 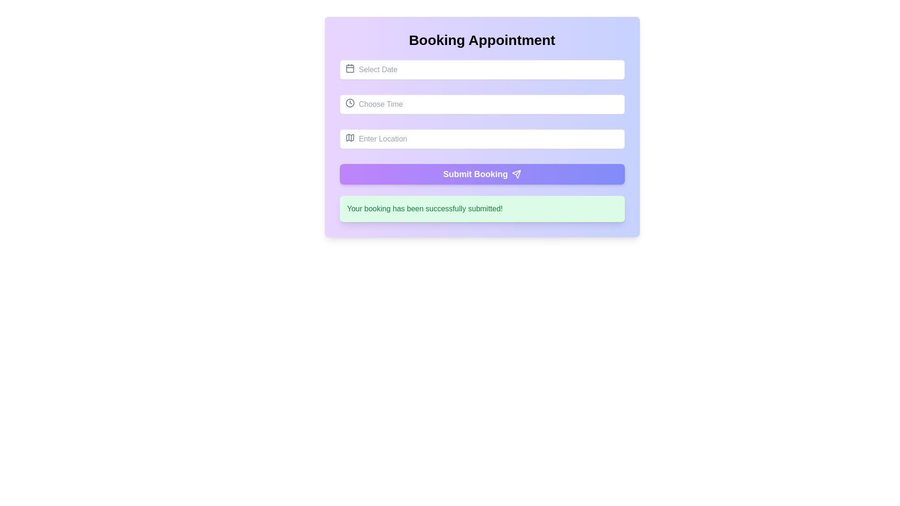 What do you see at coordinates (349, 68) in the screenshot?
I see `the calendar icon, which is an outline style icon with a box and two vertical lines, located to the left of the 'Select Date' placeholder in the first text field` at bounding box center [349, 68].